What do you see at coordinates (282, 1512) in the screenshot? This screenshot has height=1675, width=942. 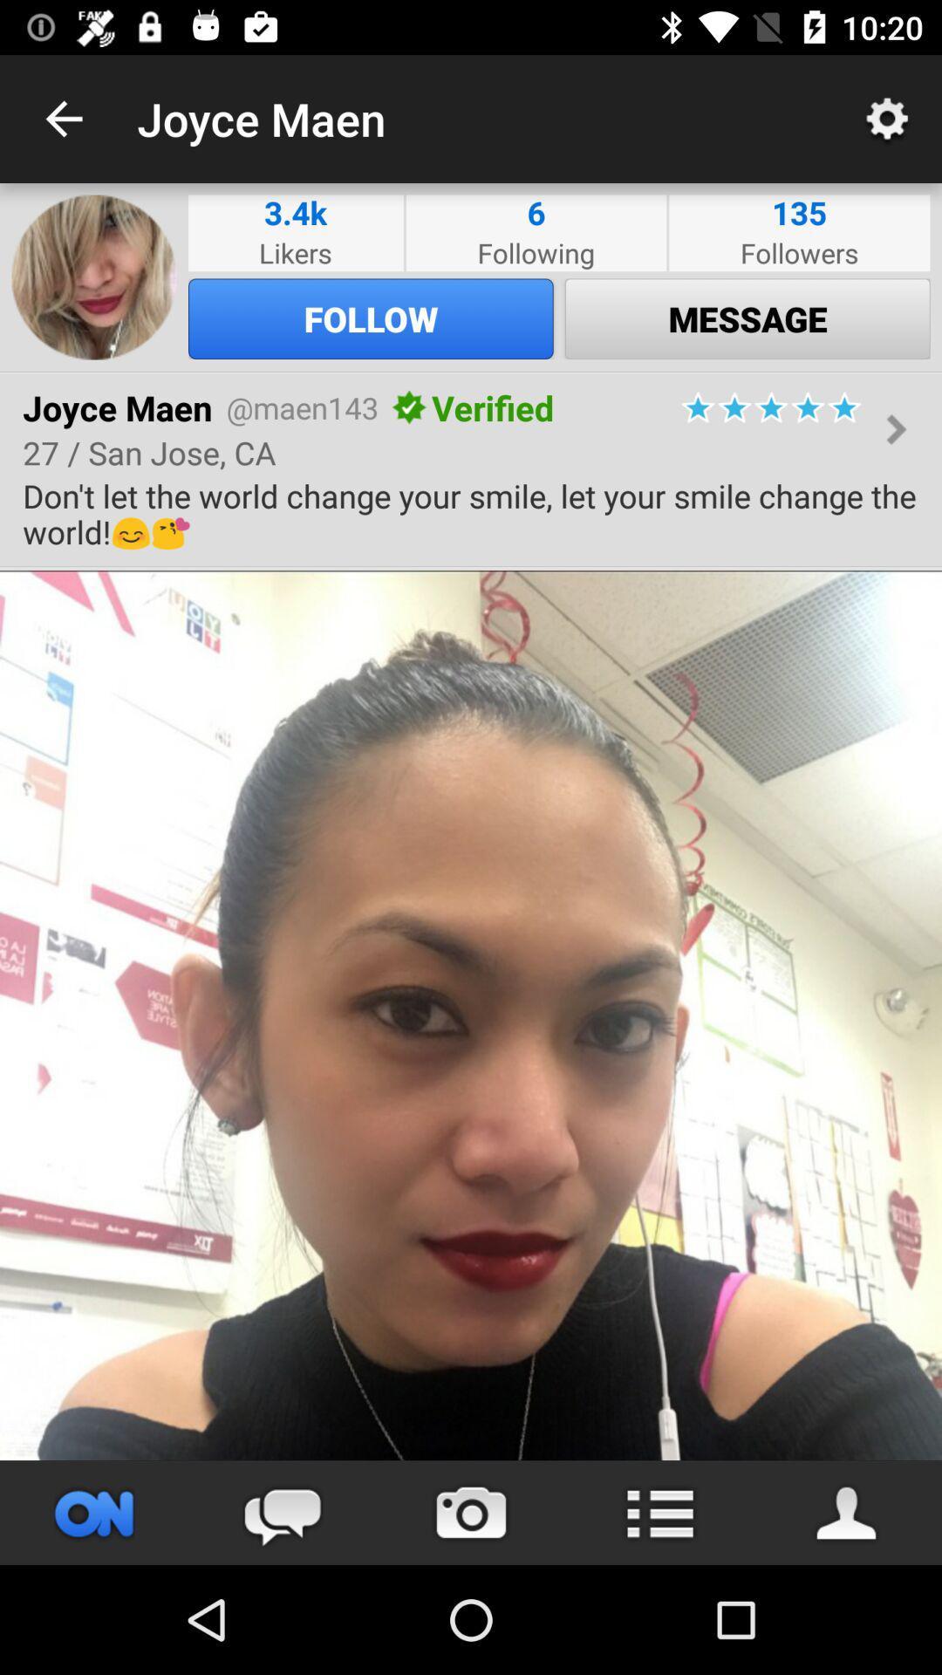 I see `open comments` at bounding box center [282, 1512].